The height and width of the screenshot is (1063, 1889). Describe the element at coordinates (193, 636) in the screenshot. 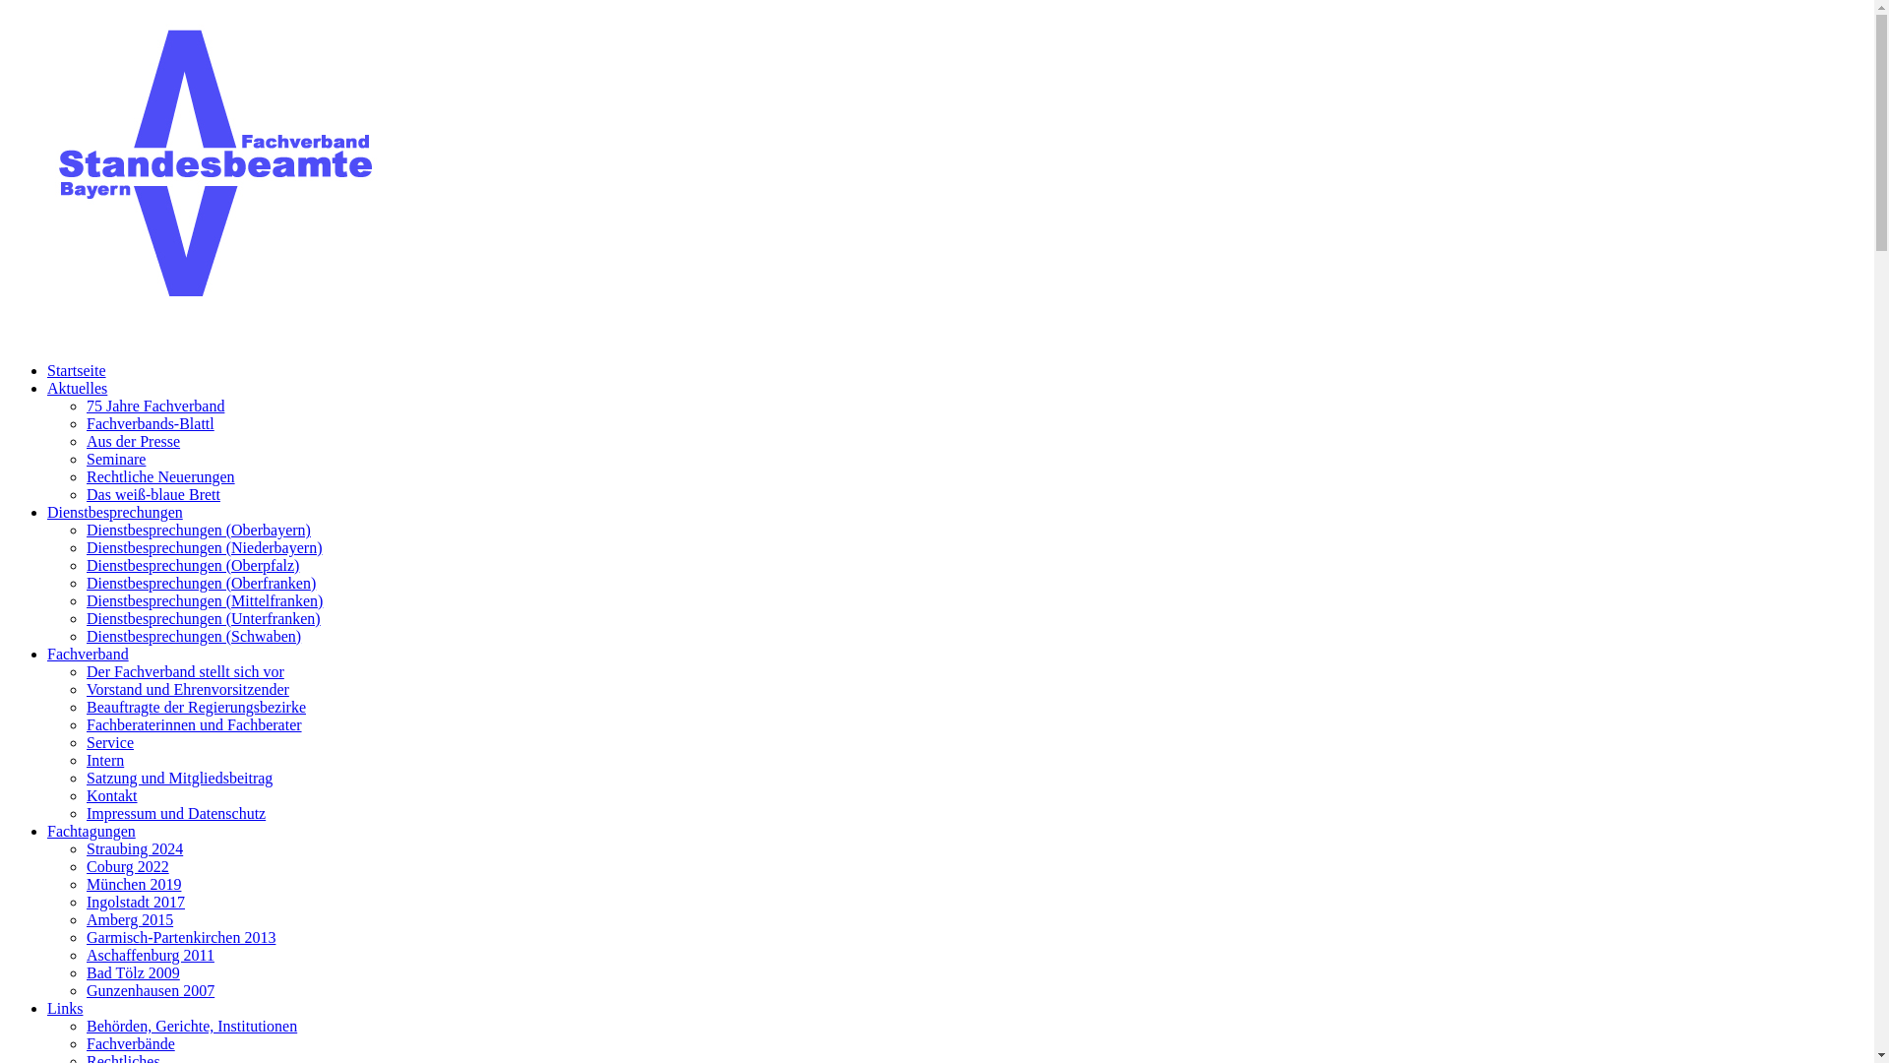

I see `'Dienstbesprechungen (Schwaben)'` at that location.